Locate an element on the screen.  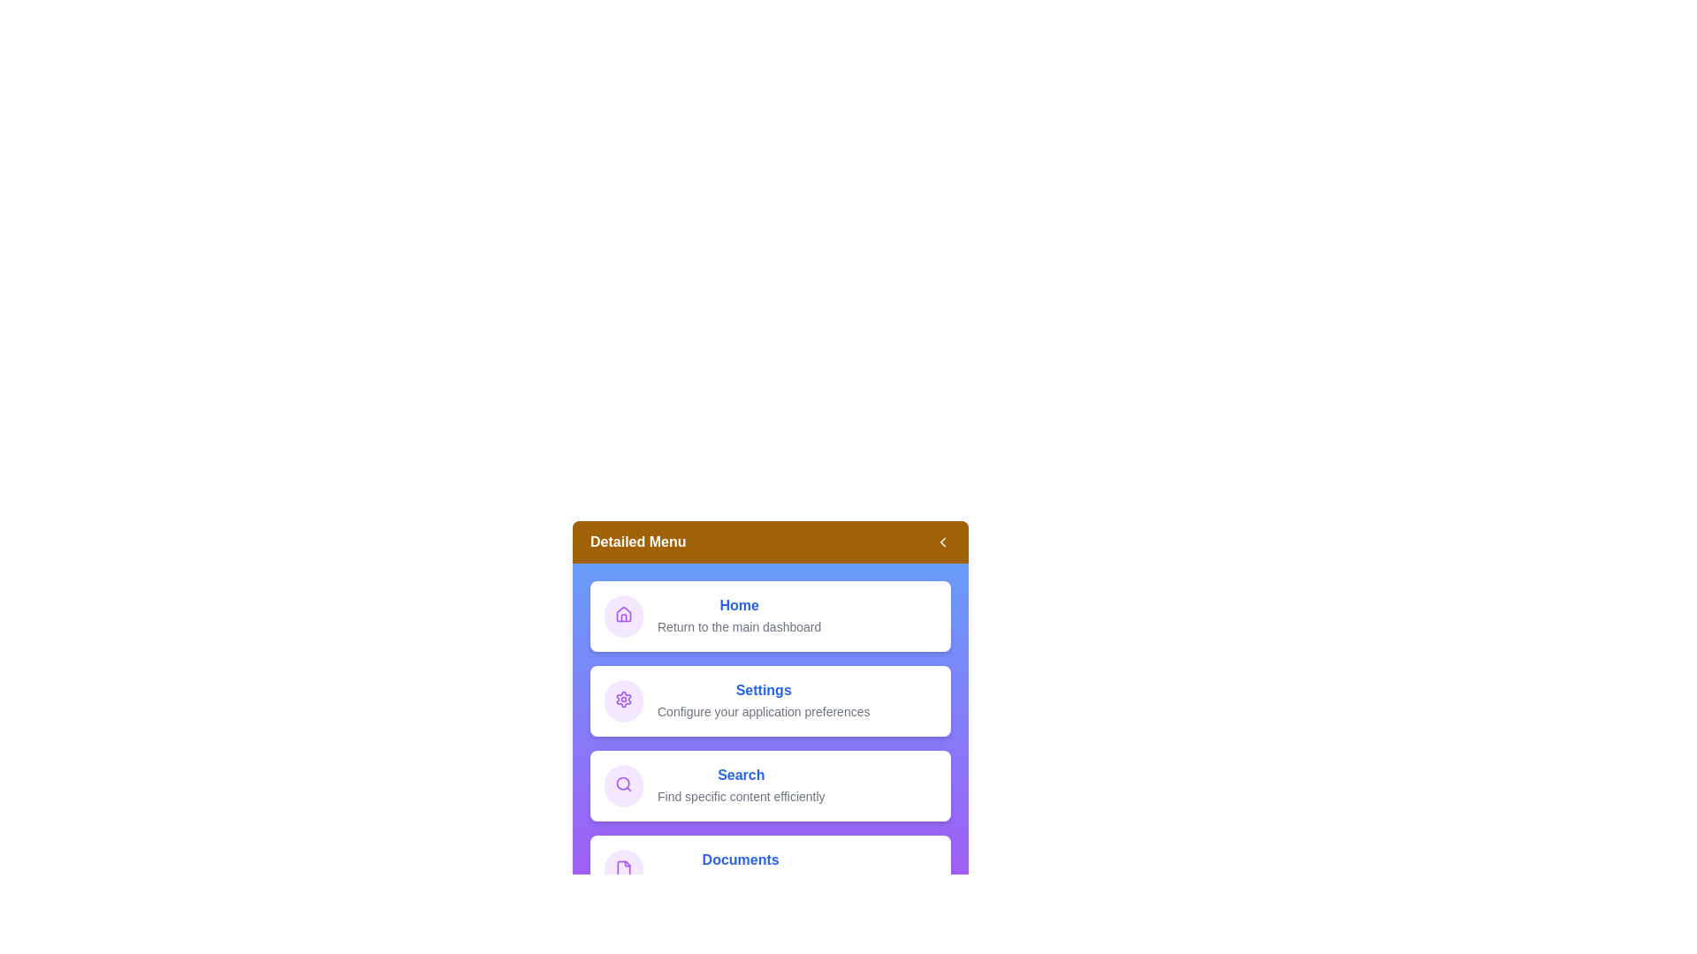
the icon corresponding to Documents in the menu is located at coordinates (623, 870).